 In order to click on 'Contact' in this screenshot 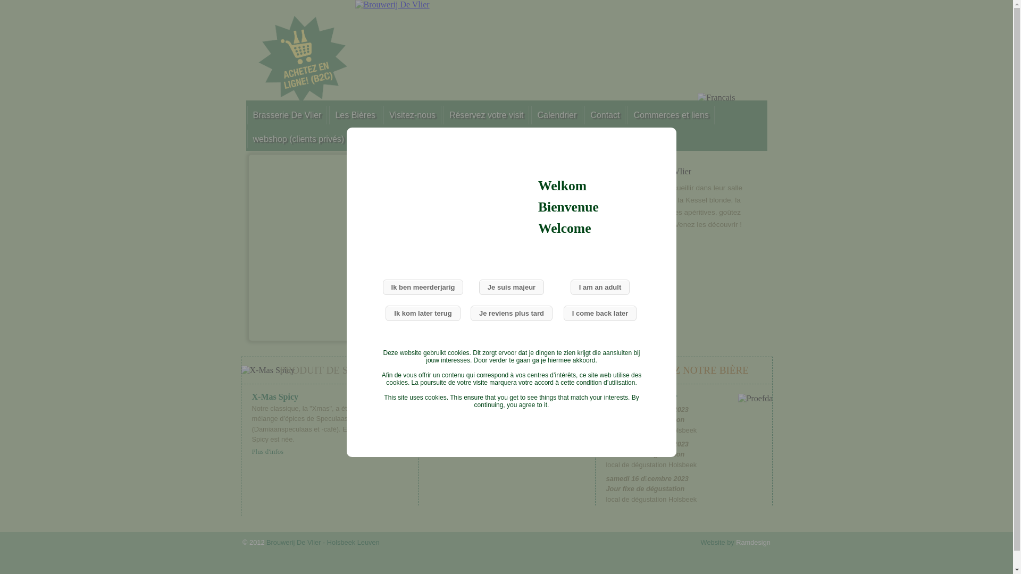, I will do `click(605, 115)`.